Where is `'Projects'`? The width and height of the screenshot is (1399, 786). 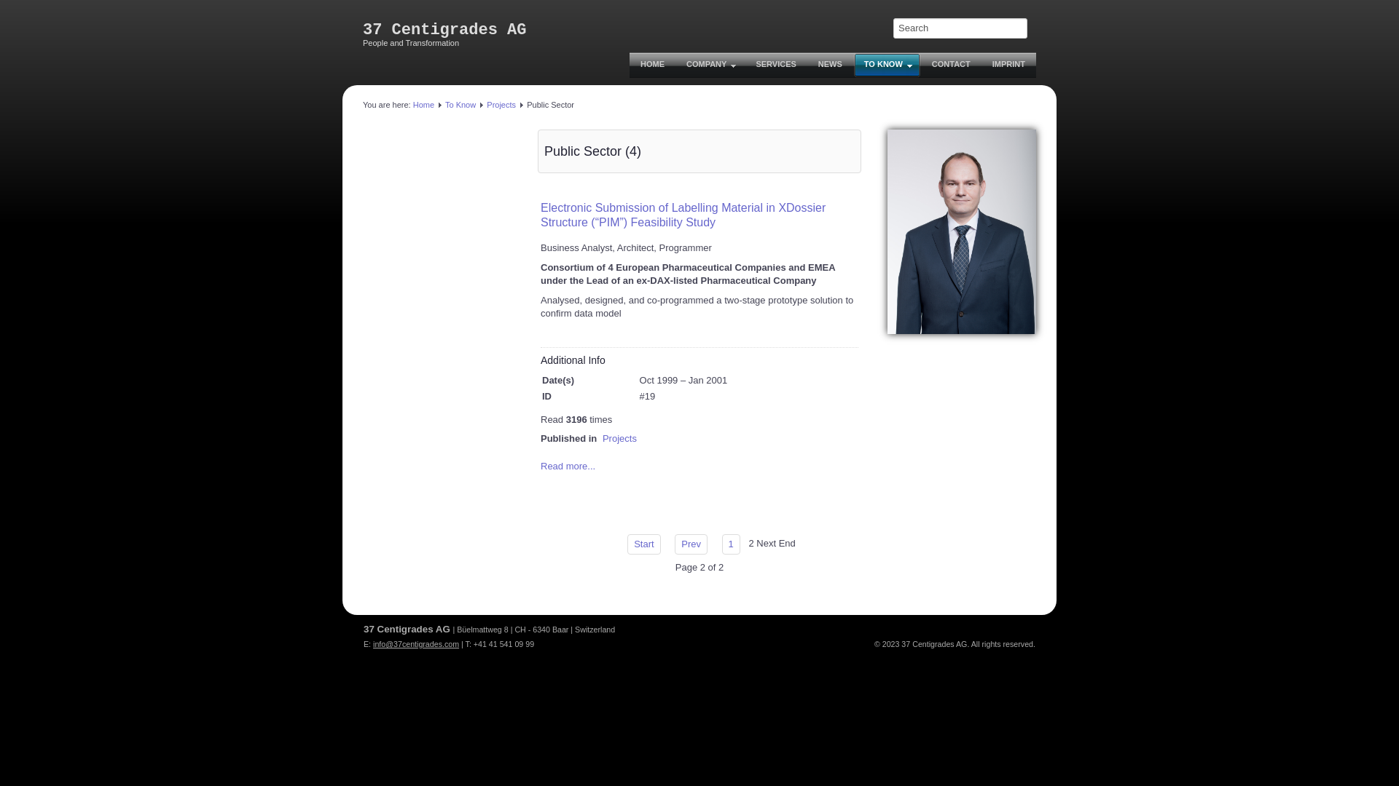
'Projects' is located at coordinates (501, 103).